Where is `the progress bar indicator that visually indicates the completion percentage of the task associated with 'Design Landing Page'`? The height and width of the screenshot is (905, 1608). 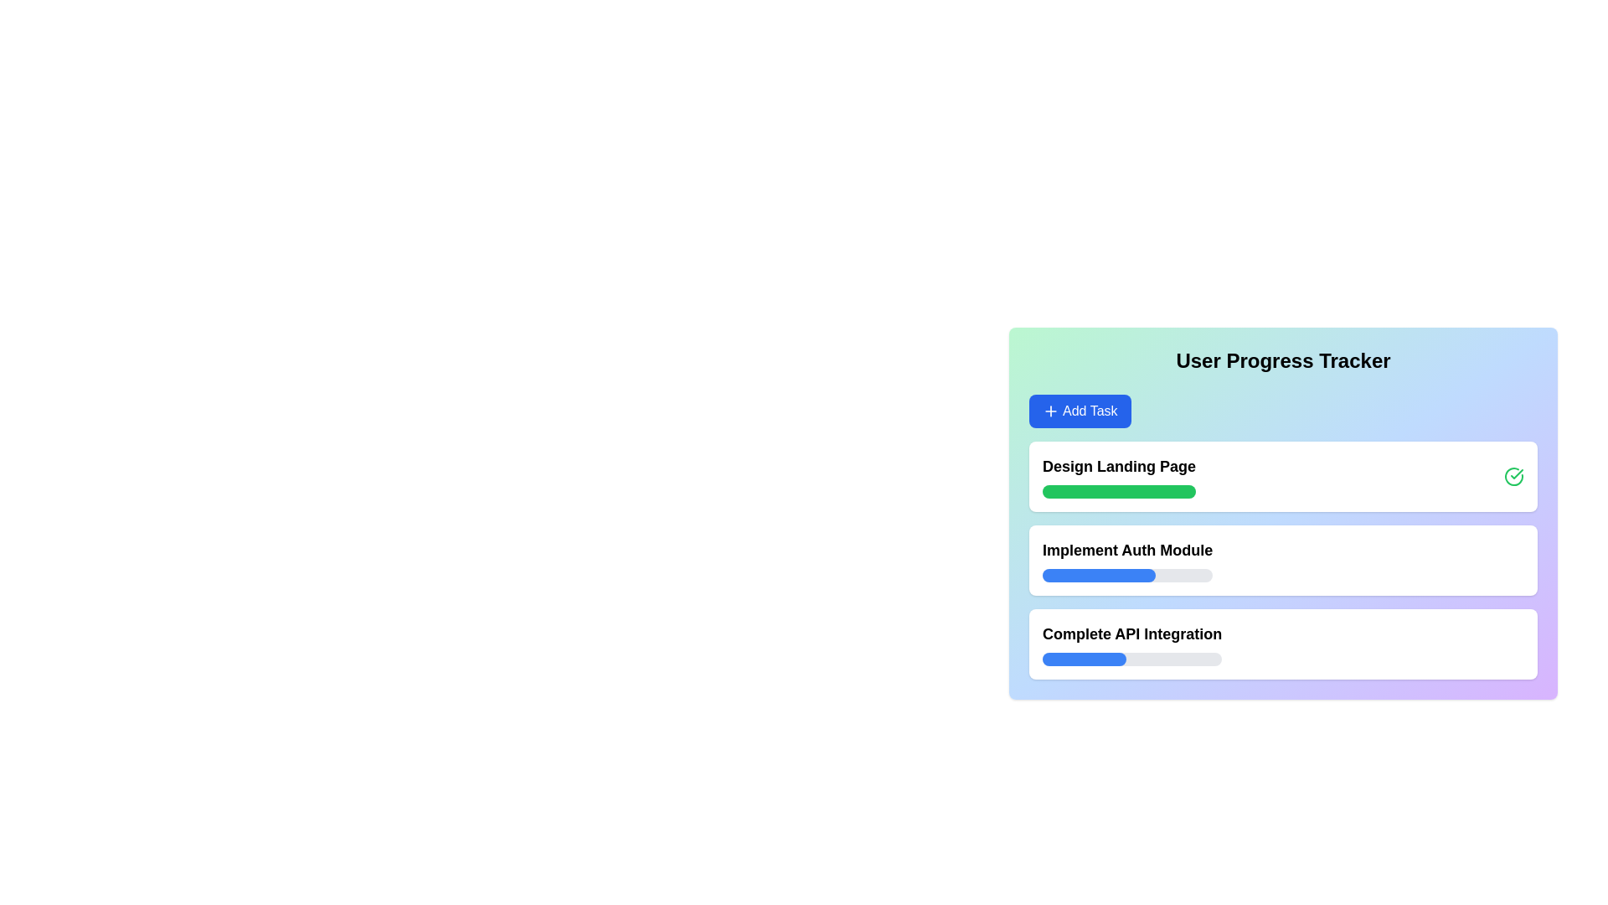 the progress bar indicator that visually indicates the completion percentage of the task associated with 'Design Landing Page' is located at coordinates (1116, 490).